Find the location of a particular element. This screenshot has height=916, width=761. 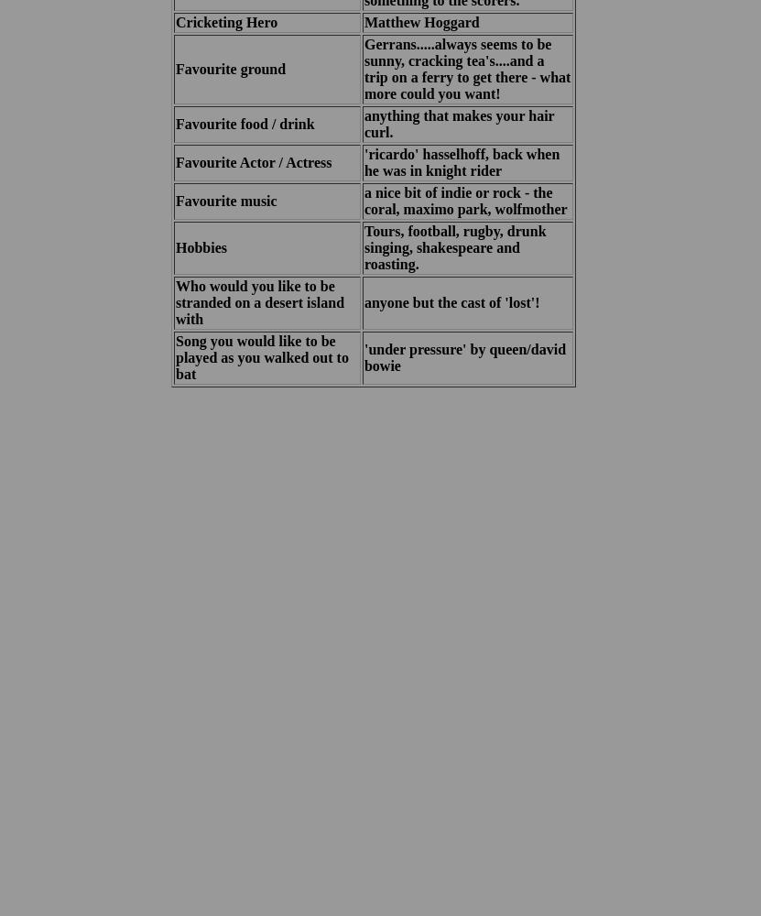

''under pressure' by queen/david bowie' is located at coordinates (464, 357).